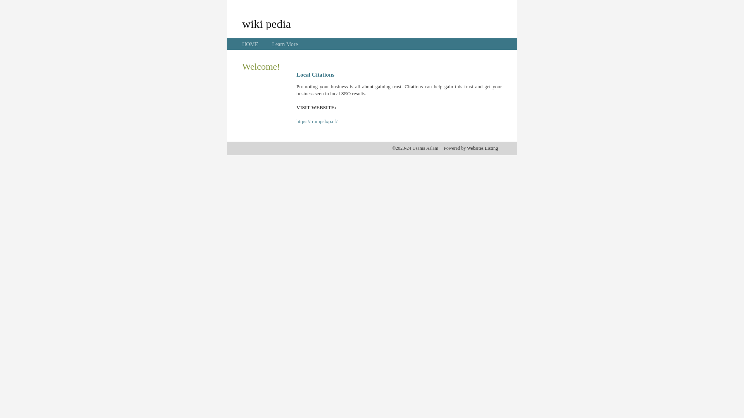 This screenshot has width=744, height=418. I want to click on 'Websites Listing', so click(482, 148).